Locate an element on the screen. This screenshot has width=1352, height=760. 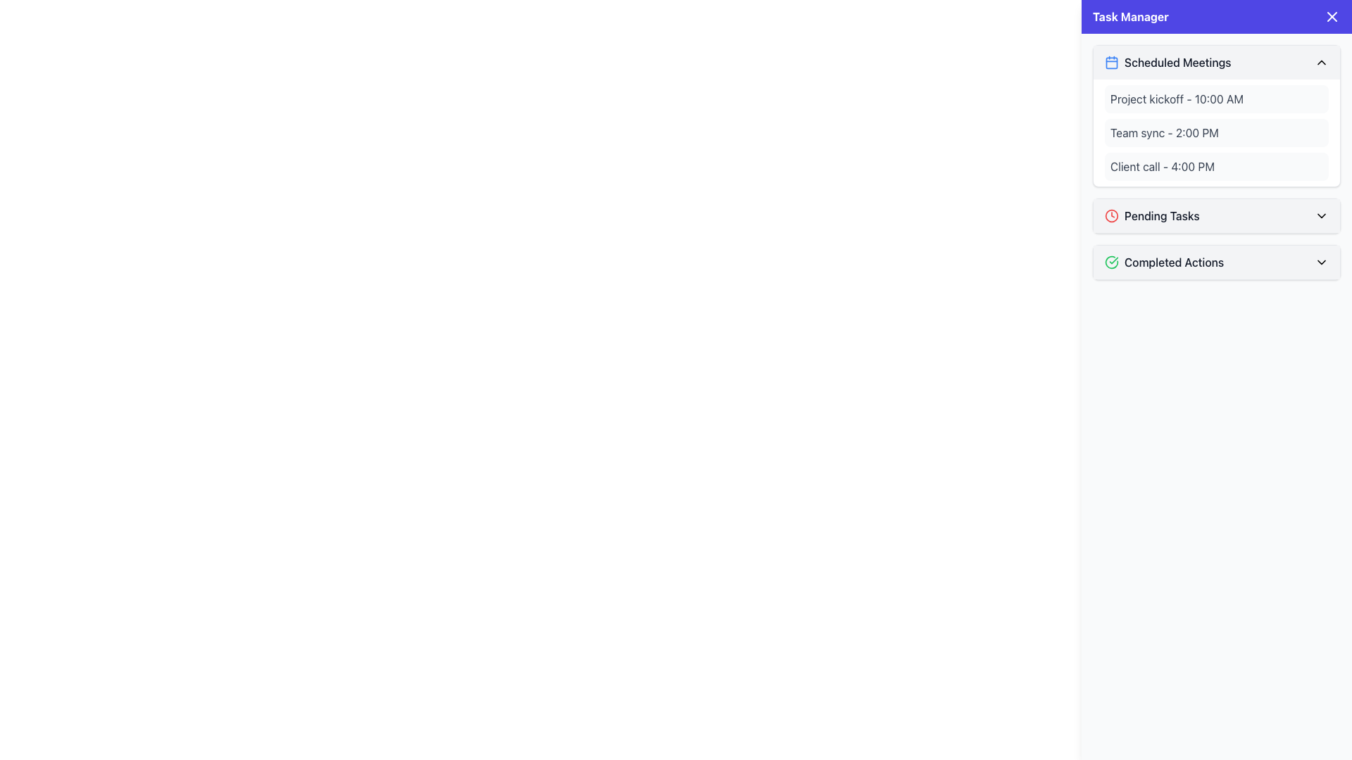
the Collapsible Section Header for 'Completed Actions' is located at coordinates (1216, 262).